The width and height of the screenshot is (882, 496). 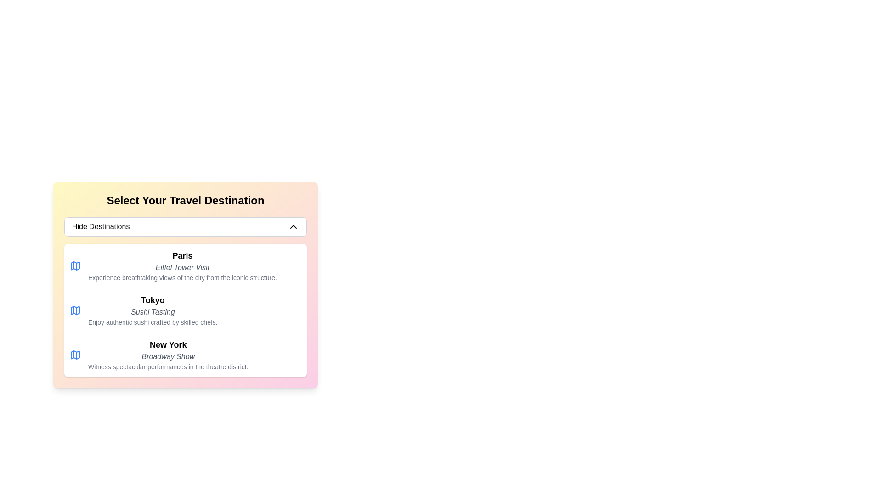 What do you see at coordinates (153, 322) in the screenshot?
I see `the text block in the 'Tokyo' travel destination section that reads 'Enjoy authentic sushi crafted by skilled chefs.'` at bounding box center [153, 322].